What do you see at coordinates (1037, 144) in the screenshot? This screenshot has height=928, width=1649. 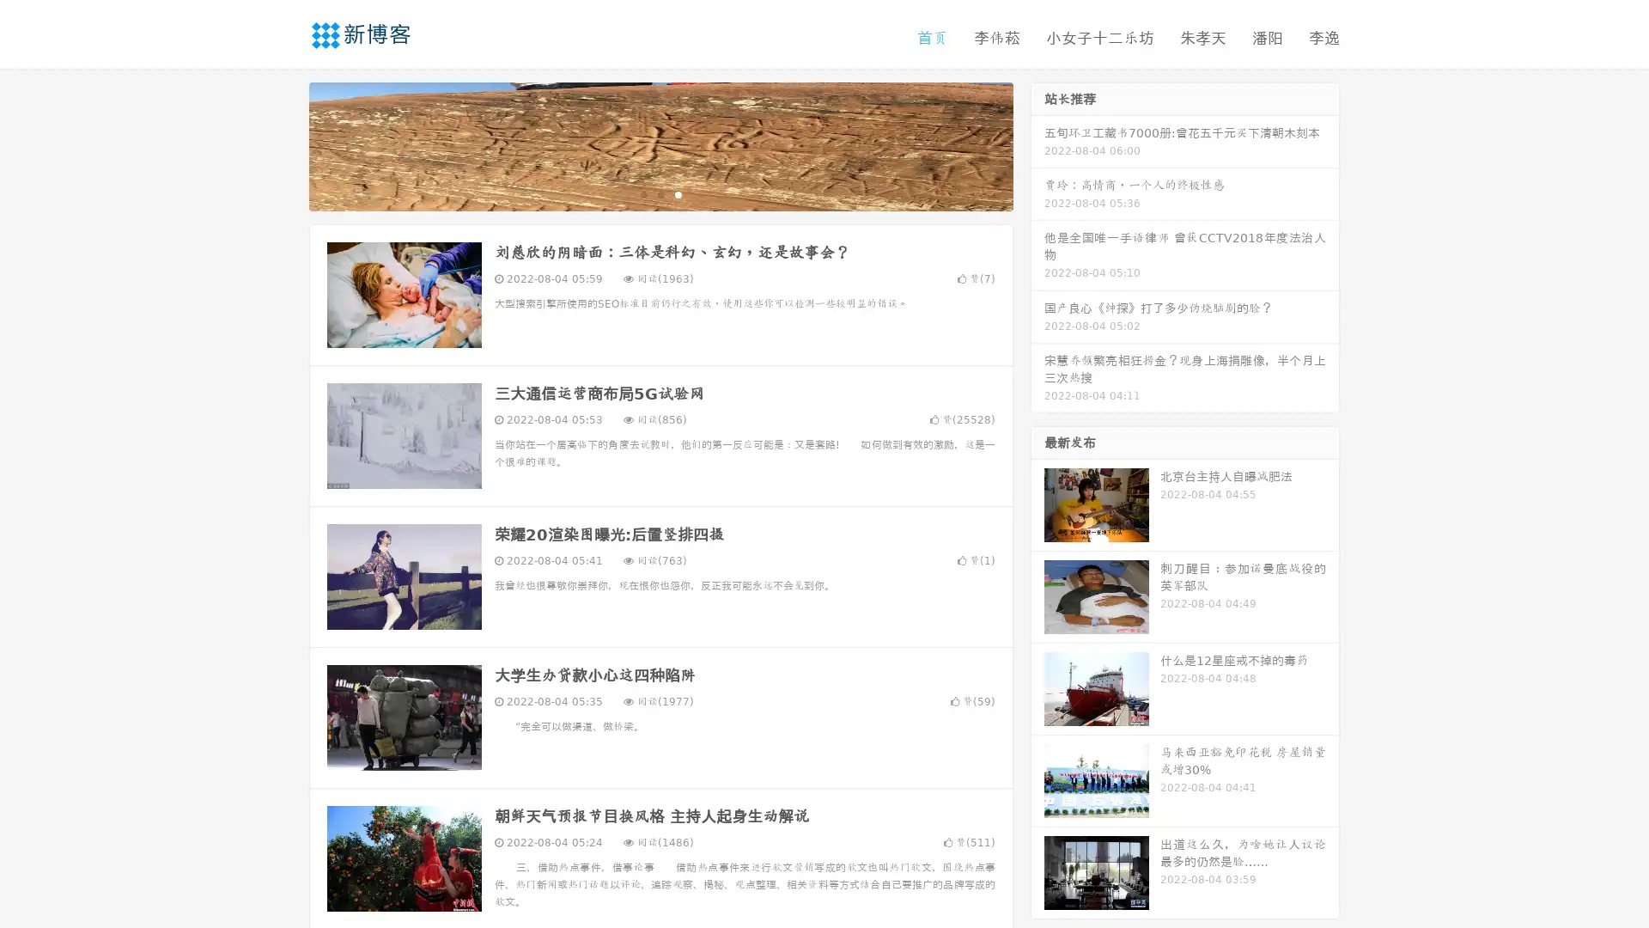 I see `Next slide` at bounding box center [1037, 144].